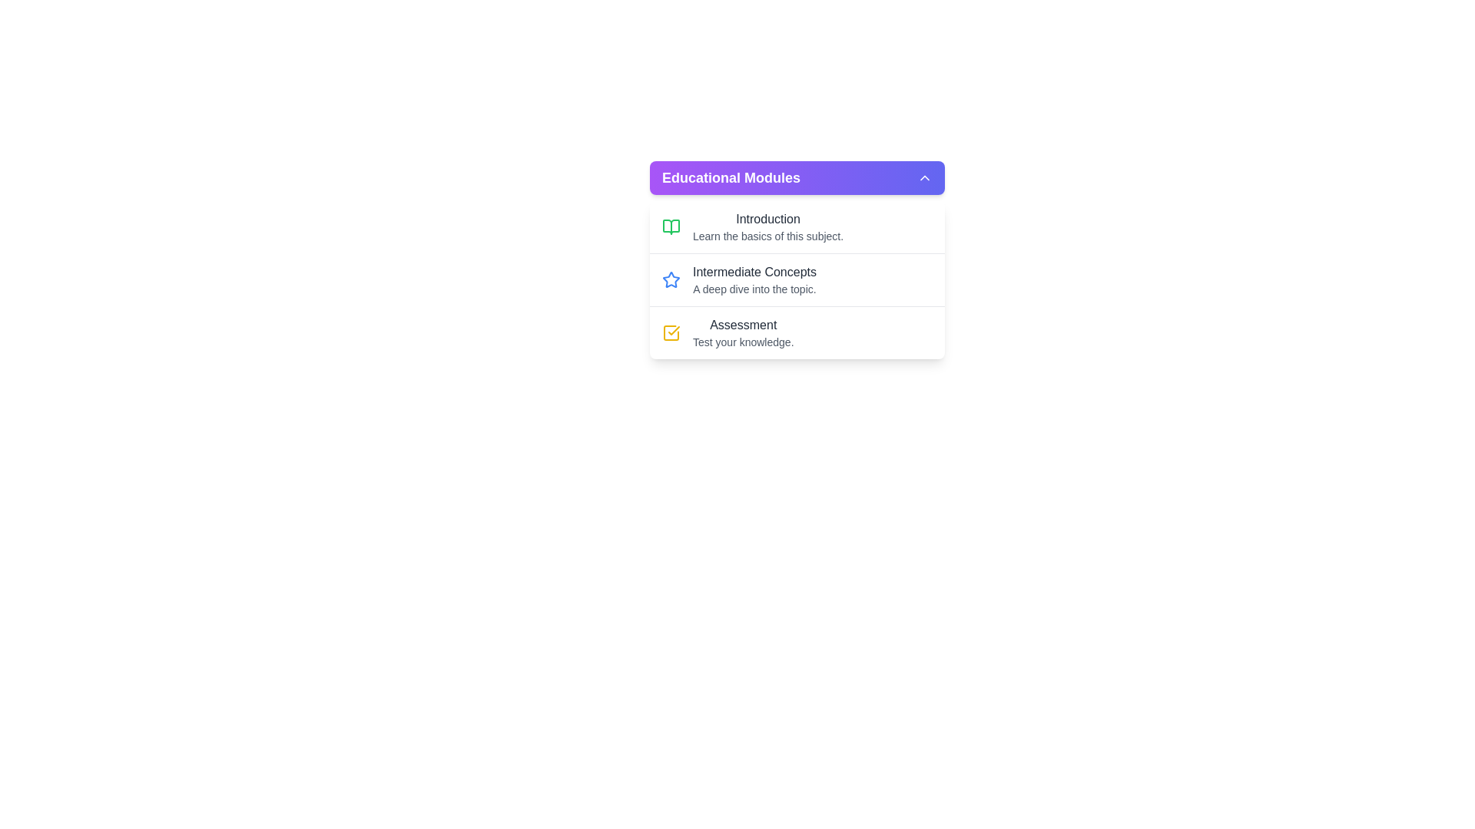  What do you see at coordinates (797, 279) in the screenshot?
I see `the selectable list item titled 'Intermediate Concepts' with a blue star icon` at bounding box center [797, 279].